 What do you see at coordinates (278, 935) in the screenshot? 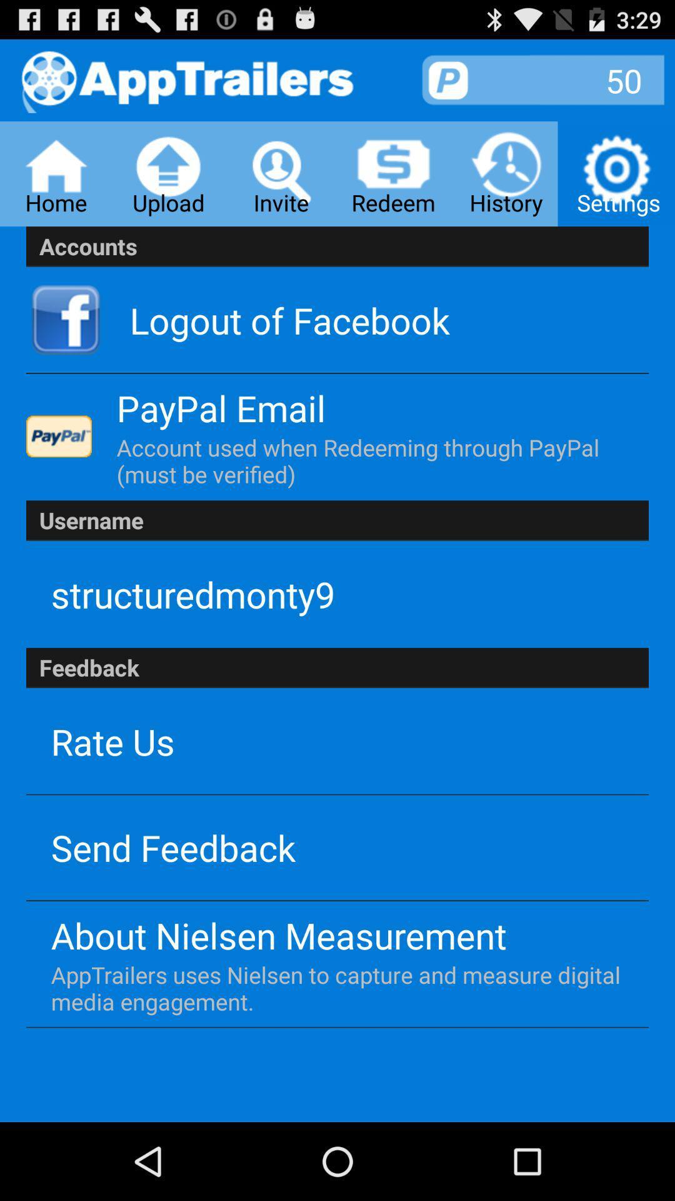
I see `about nielsen measurement icon` at bounding box center [278, 935].